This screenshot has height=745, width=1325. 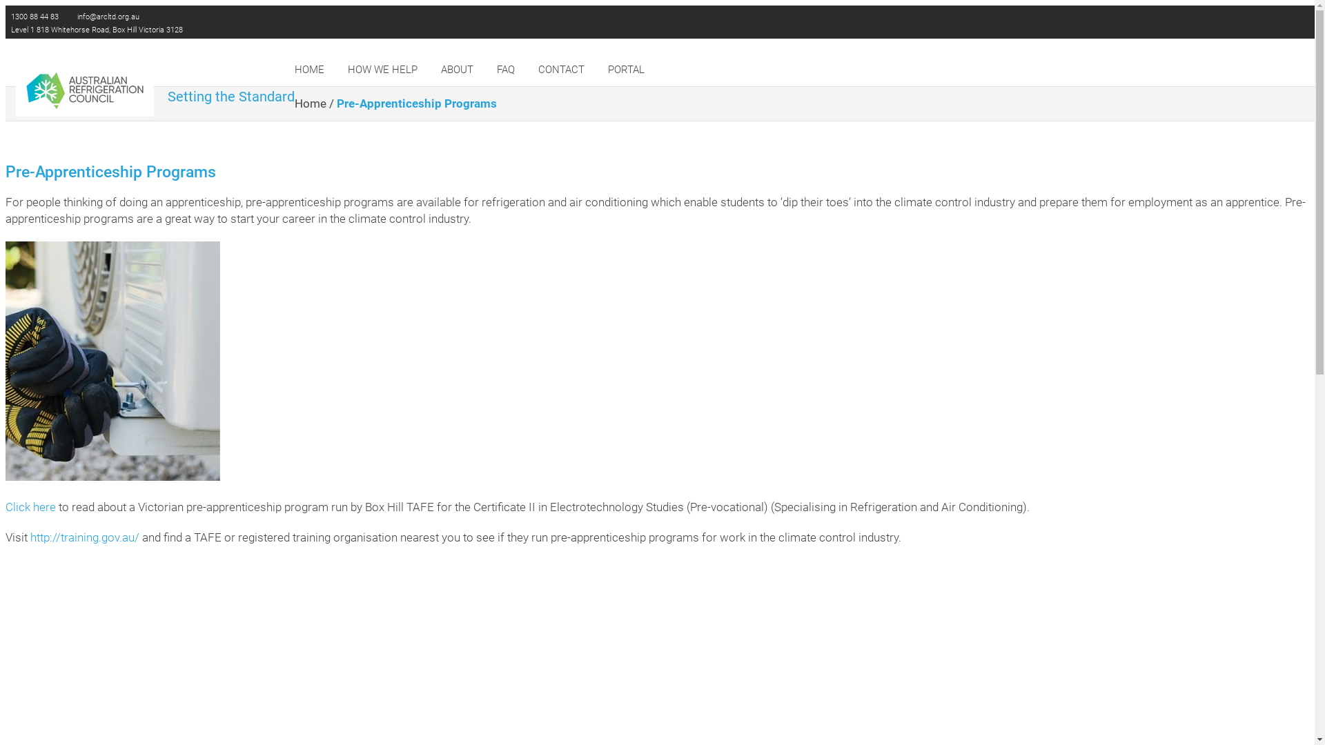 I want to click on 'Home', so click(x=310, y=103).